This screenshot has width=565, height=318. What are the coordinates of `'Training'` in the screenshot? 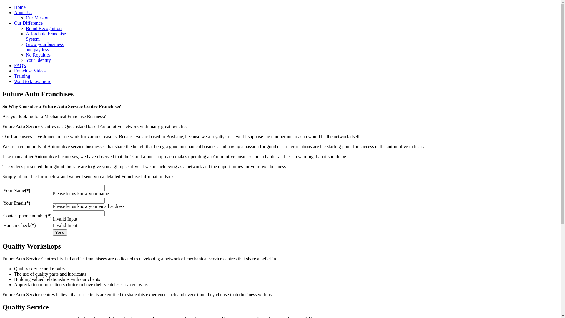 It's located at (22, 76).